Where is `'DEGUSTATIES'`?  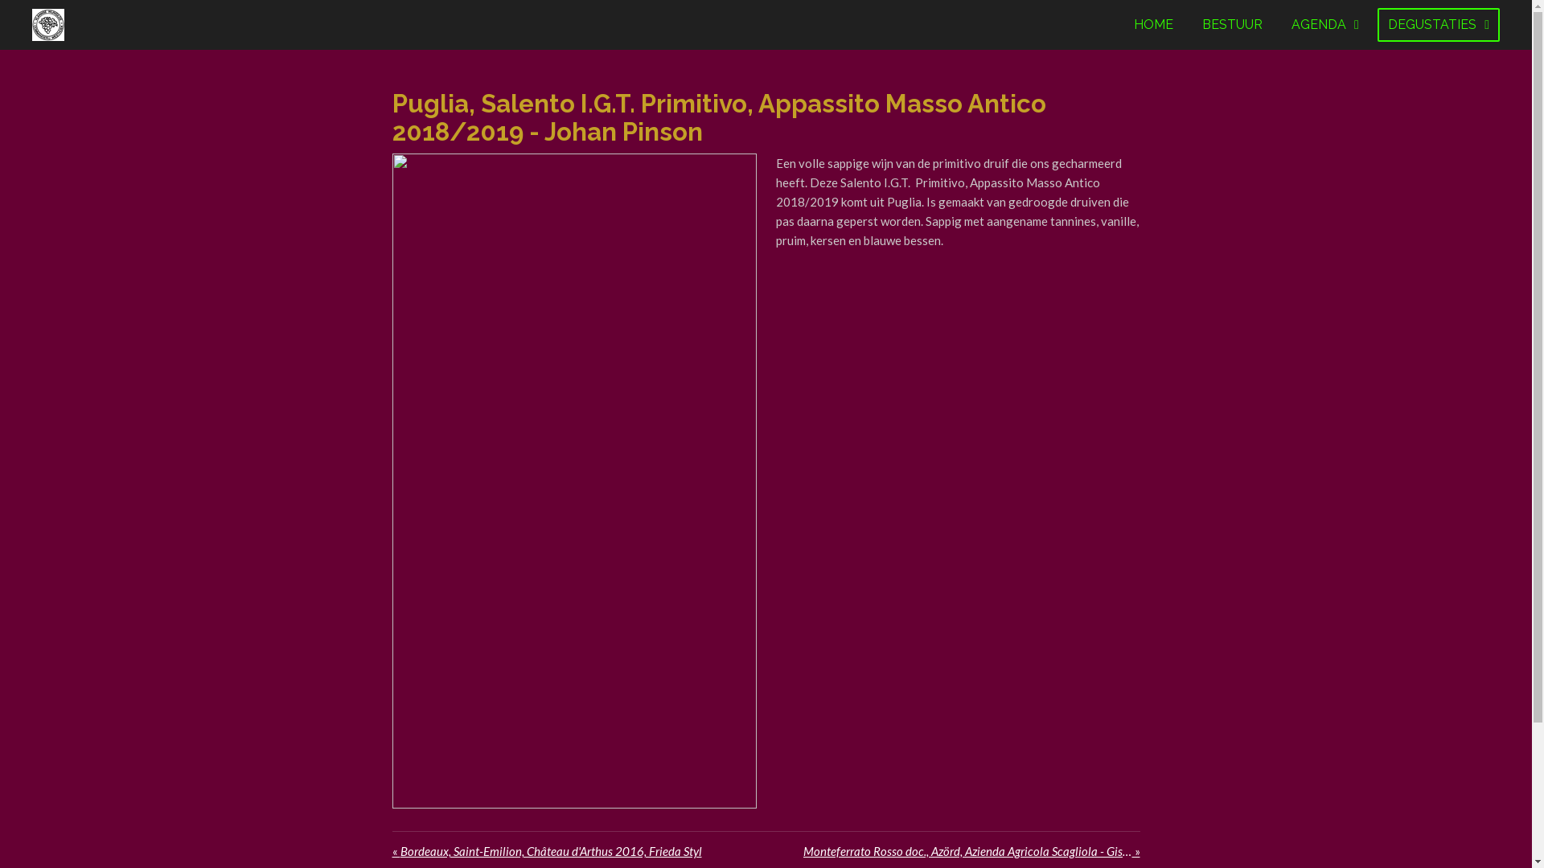 'DEGUSTATIES' is located at coordinates (1439, 24).